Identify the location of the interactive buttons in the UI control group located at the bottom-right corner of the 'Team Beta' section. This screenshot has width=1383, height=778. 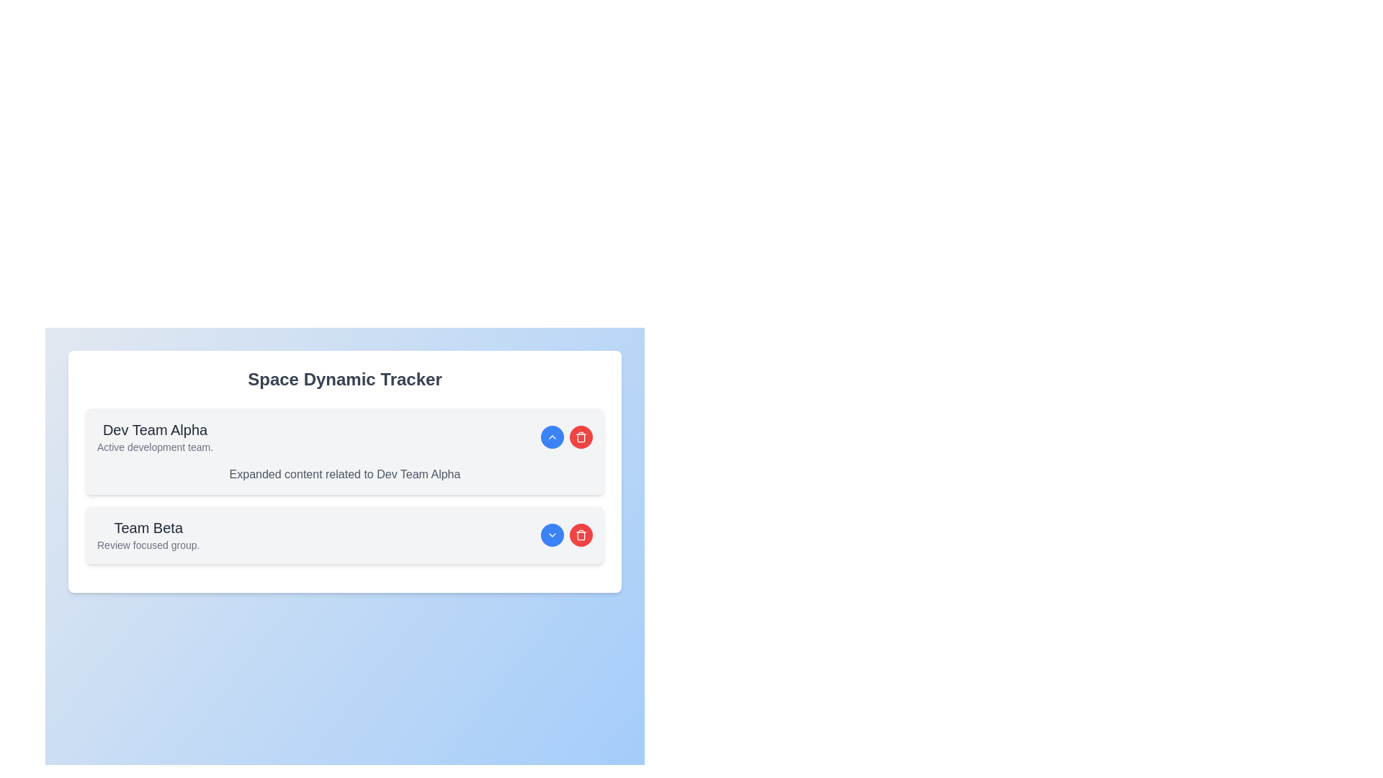
(566, 535).